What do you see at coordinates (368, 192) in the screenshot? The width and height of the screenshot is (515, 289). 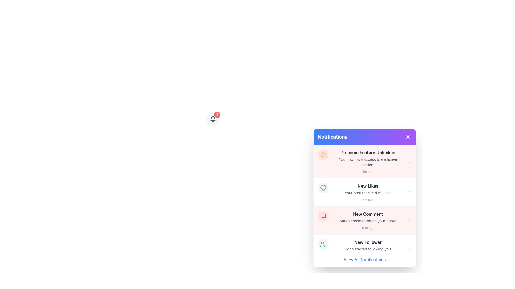 I see `the notification card displaying 'New Likes' which is the second notification in the list, centered within the notifications panel` at bounding box center [368, 192].